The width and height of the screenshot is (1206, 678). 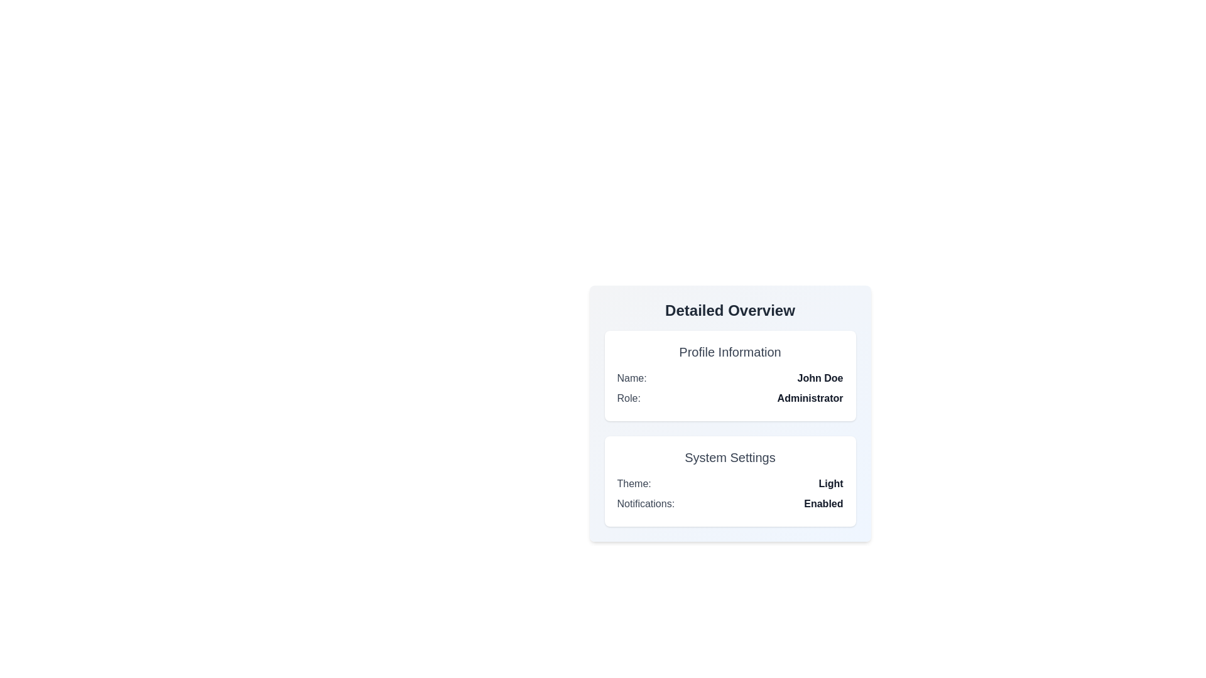 What do you see at coordinates (632, 377) in the screenshot?
I see `text of the label indicating the associated name, which is positioned in the left column of the 'Profile Information' section, above the label 'Role:' and aligned with 'John Doe'` at bounding box center [632, 377].